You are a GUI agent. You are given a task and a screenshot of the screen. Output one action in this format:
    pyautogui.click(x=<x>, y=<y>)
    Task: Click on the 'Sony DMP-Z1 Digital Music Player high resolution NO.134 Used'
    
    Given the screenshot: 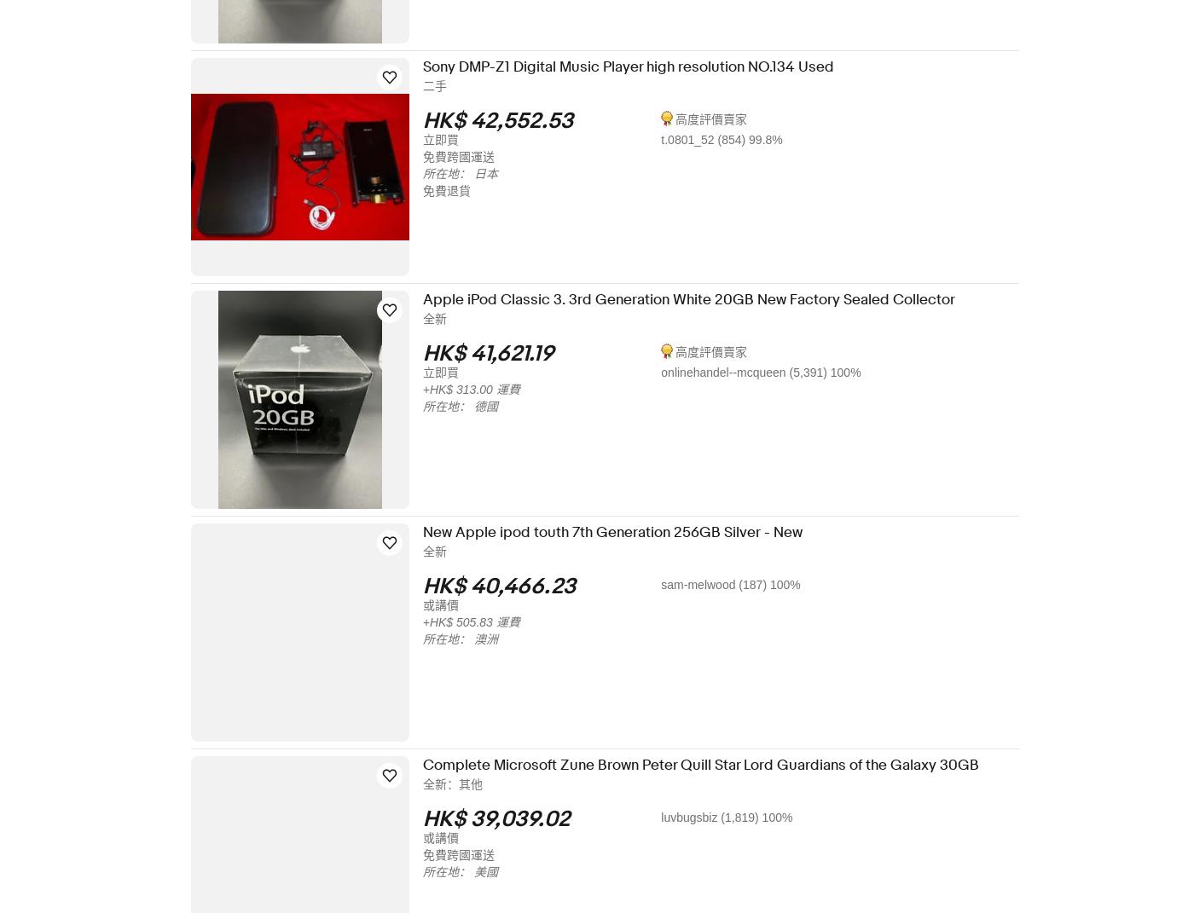 What is the action you would take?
    pyautogui.click(x=639, y=66)
    